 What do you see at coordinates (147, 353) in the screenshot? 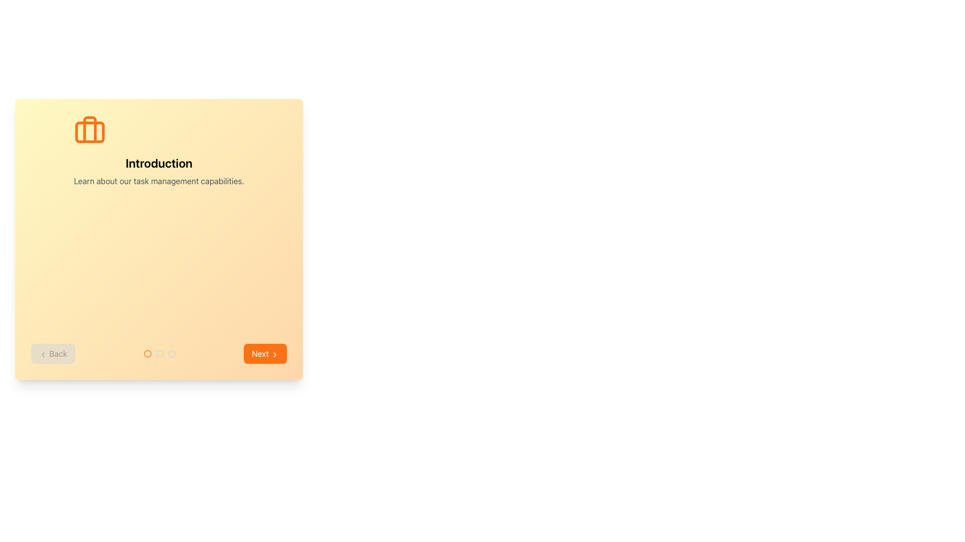
I see `the small circular Navigation Indicator icon with an orange outline, located slightly above the bottom center of the interface` at bounding box center [147, 353].